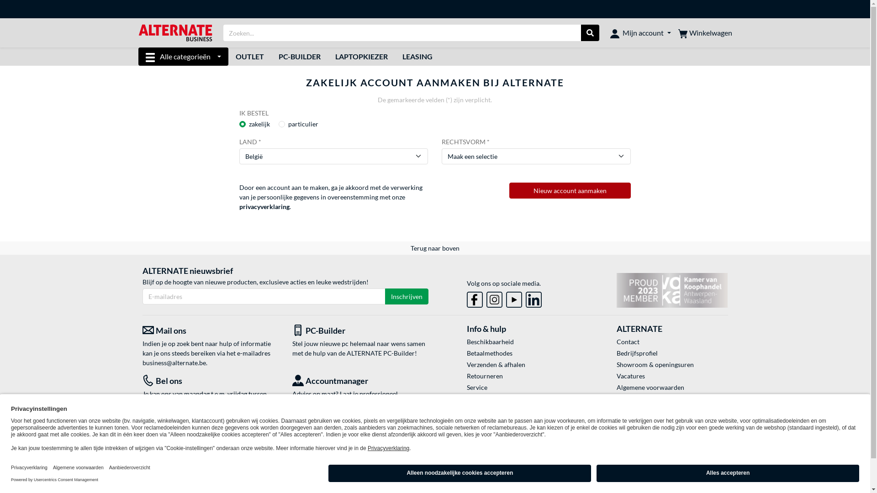 The height and width of the screenshot is (493, 877). Describe the element at coordinates (359, 330) in the screenshot. I see `'PC-Builder'` at that location.